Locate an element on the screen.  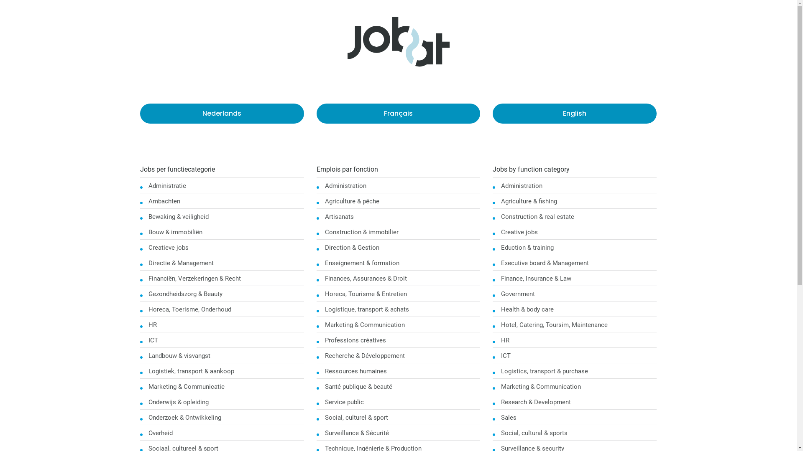
'Executive board & Management' is located at coordinates (545, 262).